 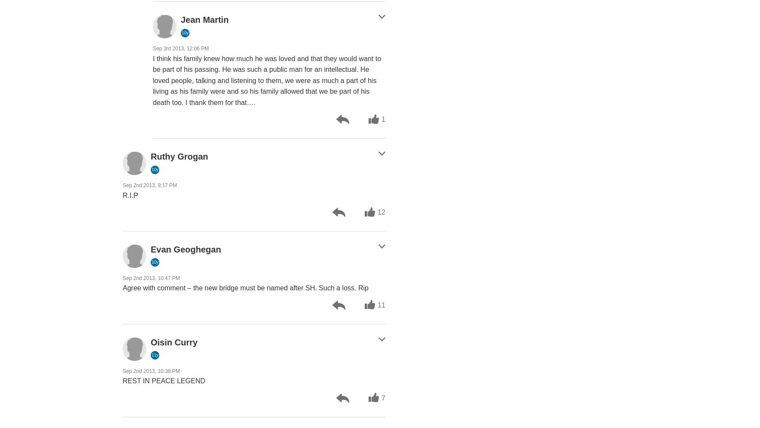 What do you see at coordinates (180, 49) in the screenshot?
I see `'Sep 3rd 2013, 12:06 PM'` at bounding box center [180, 49].